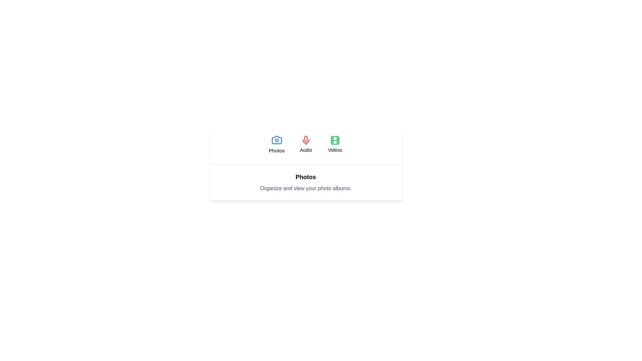  Describe the element at coordinates (335, 144) in the screenshot. I see `the Videos tab button to activate it` at that location.